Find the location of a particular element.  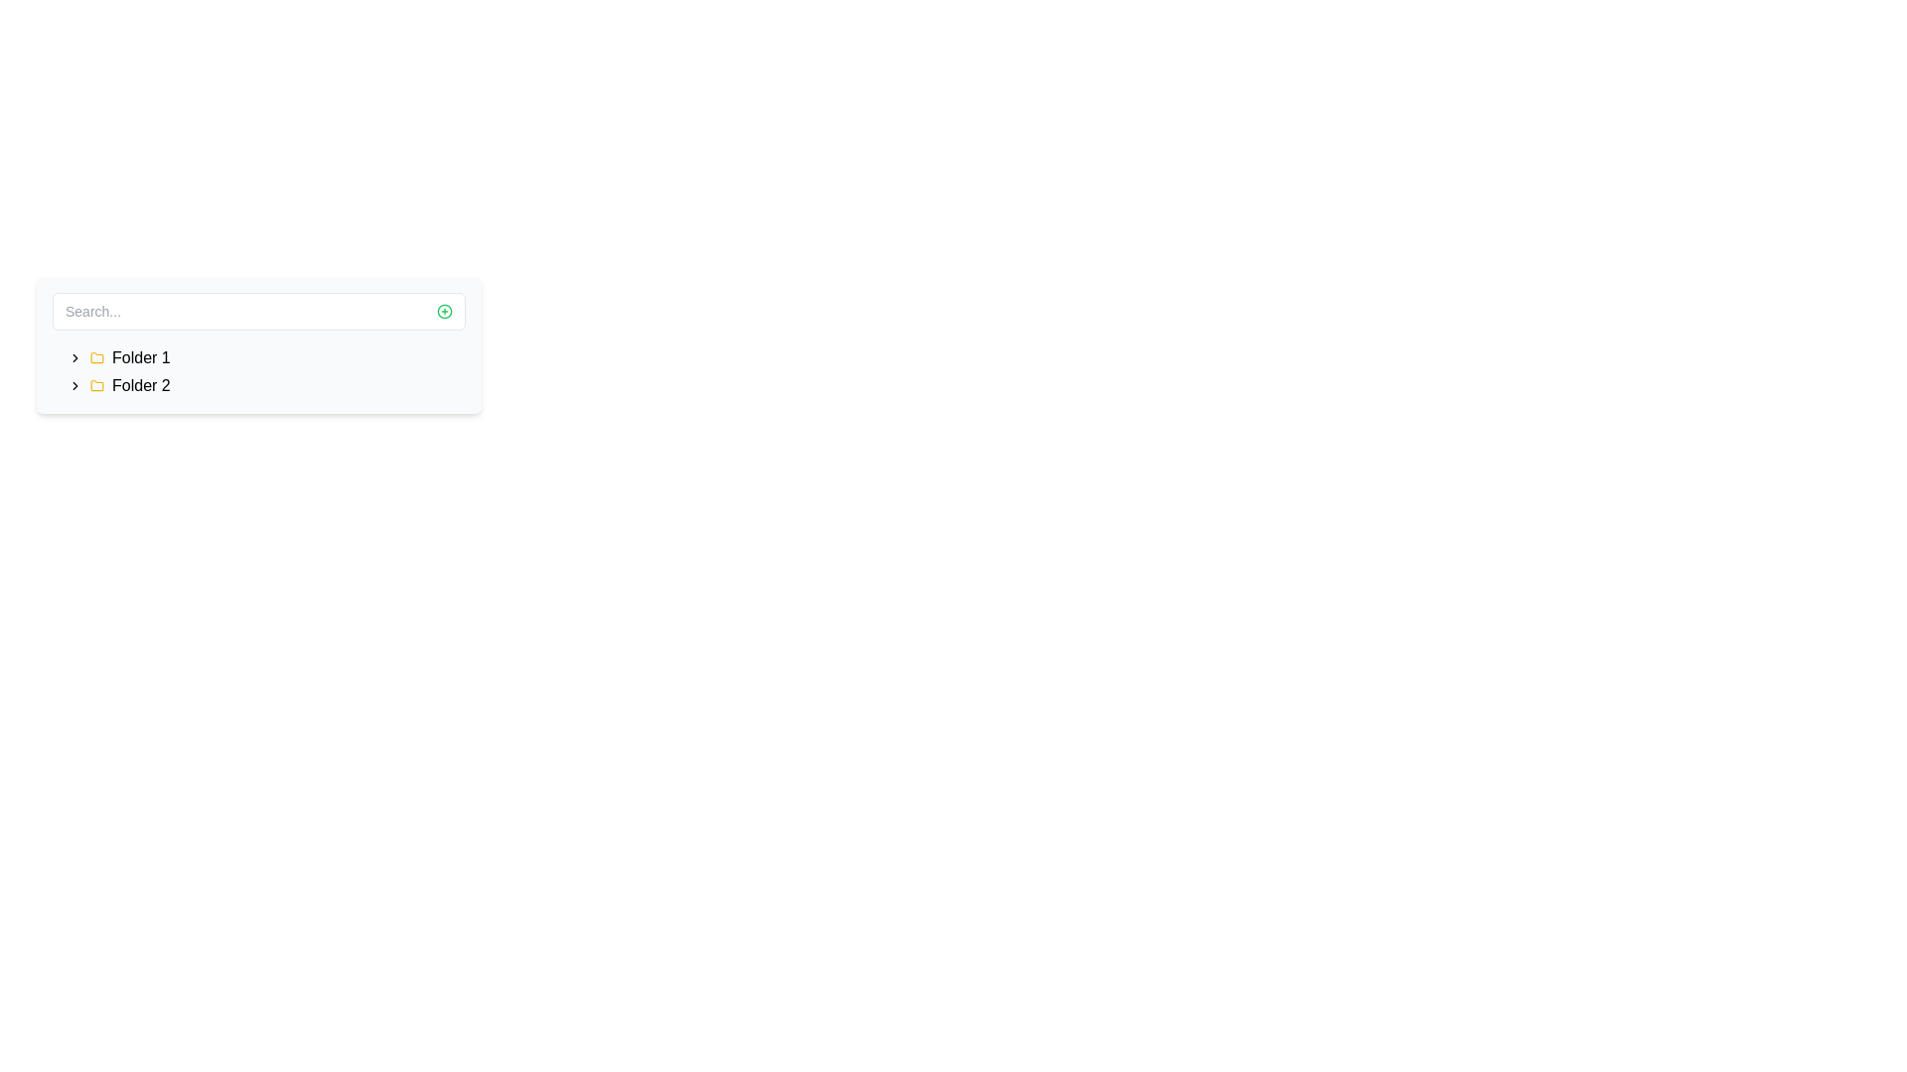

the button is located at coordinates (75, 386).